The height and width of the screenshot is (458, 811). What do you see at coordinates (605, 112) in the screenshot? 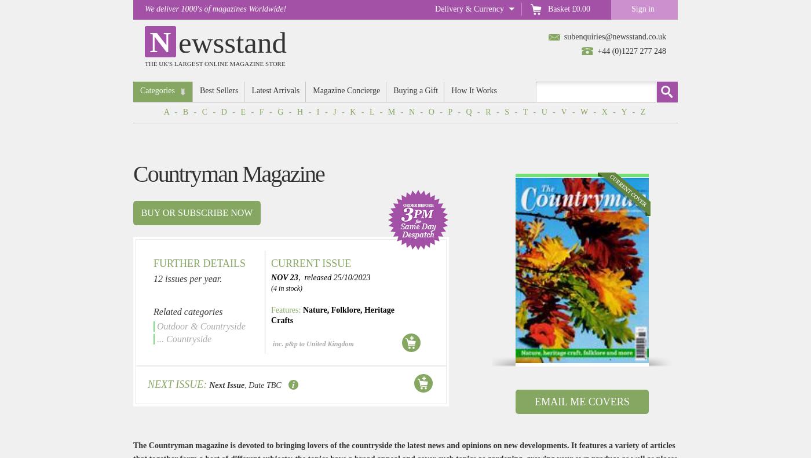
I see `'X'` at bounding box center [605, 112].